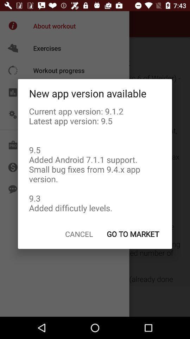 This screenshot has width=190, height=339. Describe the element at coordinates (133, 234) in the screenshot. I see `the icon to the right of cancel icon` at that location.